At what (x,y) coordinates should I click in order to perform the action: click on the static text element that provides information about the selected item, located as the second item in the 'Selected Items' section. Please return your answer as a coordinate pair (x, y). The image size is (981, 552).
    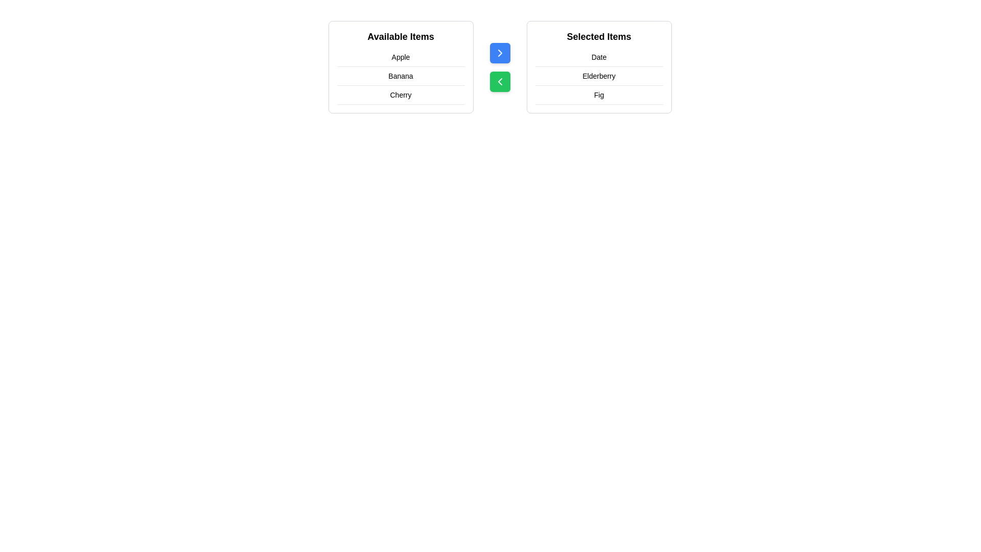
    Looking at the image, I should click on (599, 76).